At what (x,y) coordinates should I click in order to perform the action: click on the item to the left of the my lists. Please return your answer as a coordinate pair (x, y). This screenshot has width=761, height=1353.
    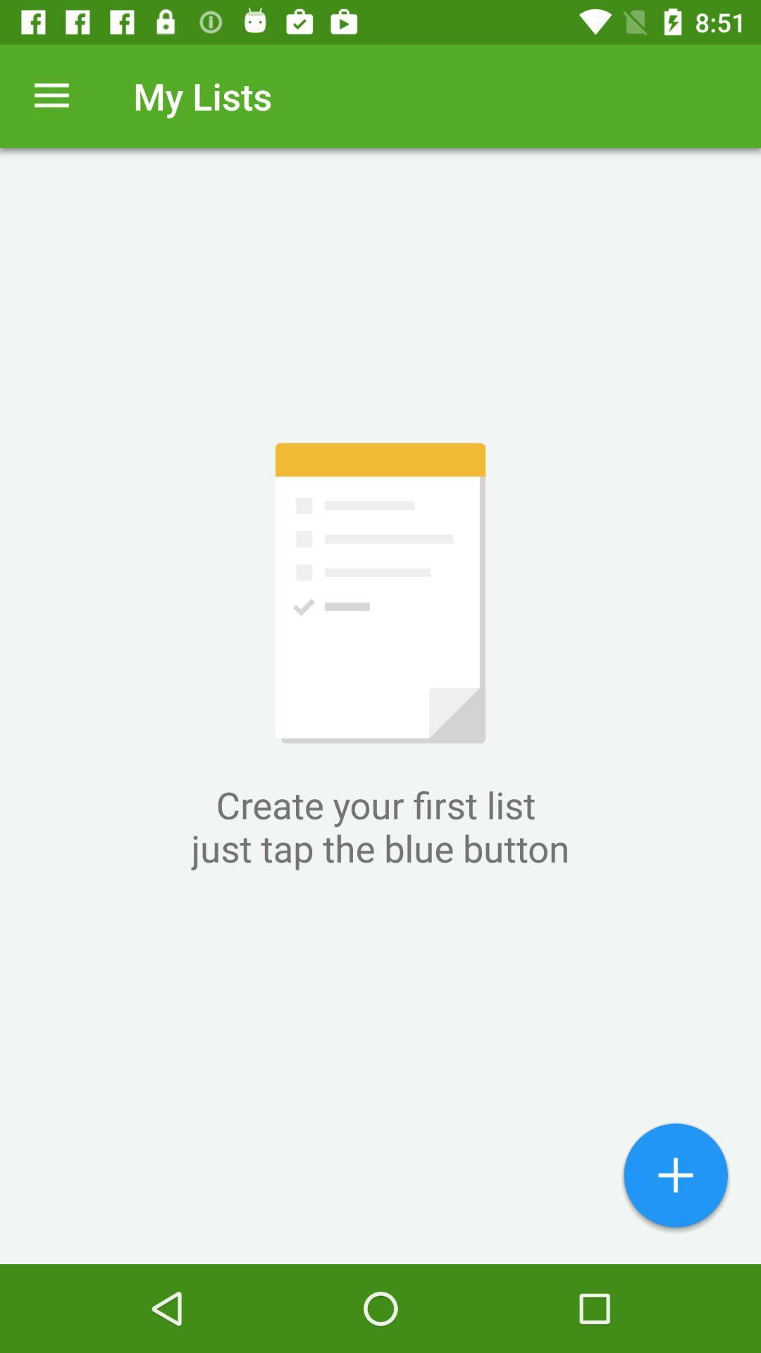
    Looking at the image, I should click on (51, 95).